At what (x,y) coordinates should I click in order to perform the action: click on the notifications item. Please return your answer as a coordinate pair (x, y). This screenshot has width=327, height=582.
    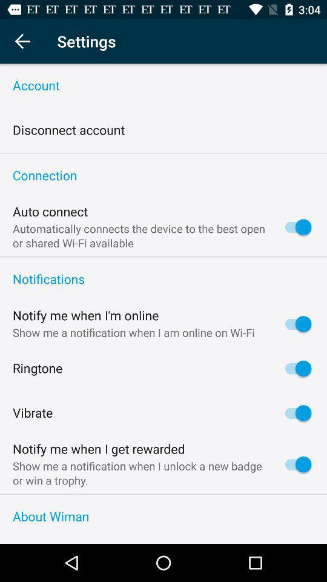
    Looking at the image, I should click on (163, 279).